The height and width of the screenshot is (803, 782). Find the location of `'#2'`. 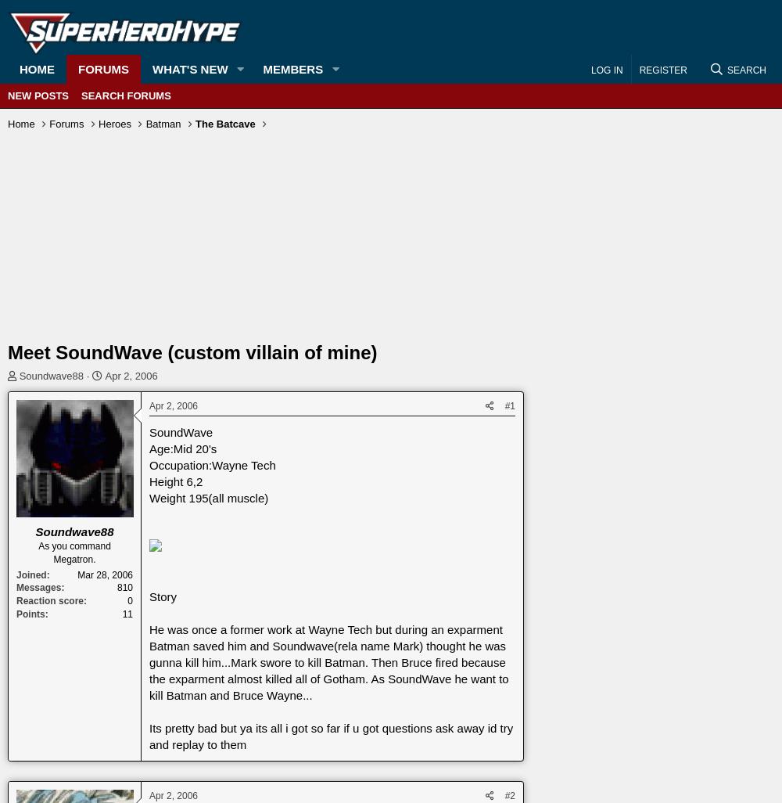

'#2' is located at coordinates (504, 794).